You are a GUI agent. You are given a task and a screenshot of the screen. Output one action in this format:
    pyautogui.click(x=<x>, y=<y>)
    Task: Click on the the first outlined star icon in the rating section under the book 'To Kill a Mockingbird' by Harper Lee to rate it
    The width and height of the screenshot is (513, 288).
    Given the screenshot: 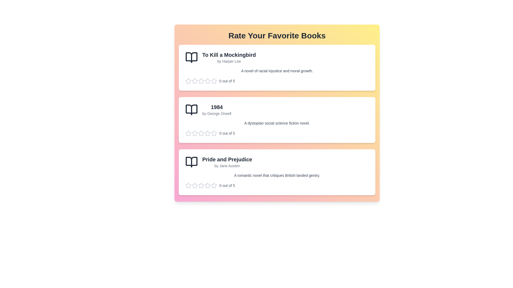 What is the action you would take?
    pyautogui.click(x=195, y=81)
    